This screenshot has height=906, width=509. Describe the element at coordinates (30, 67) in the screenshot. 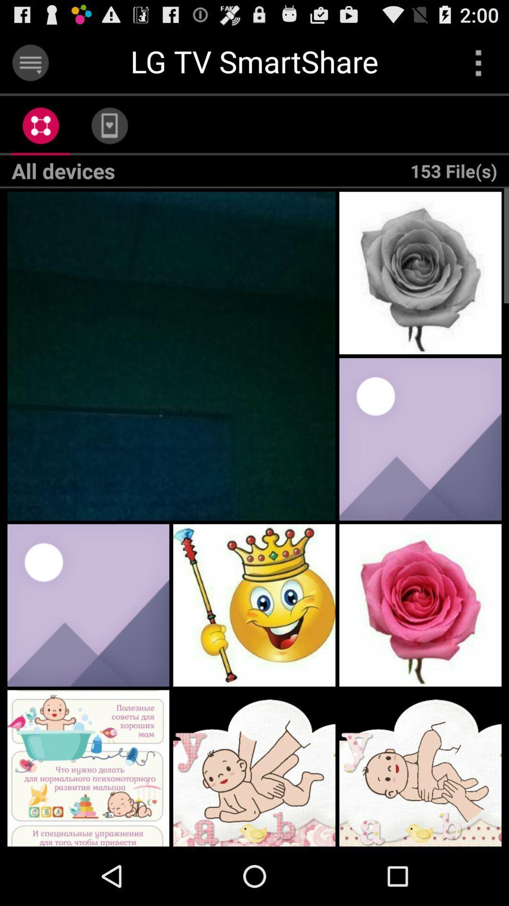

I see `the menu icon` at that location.